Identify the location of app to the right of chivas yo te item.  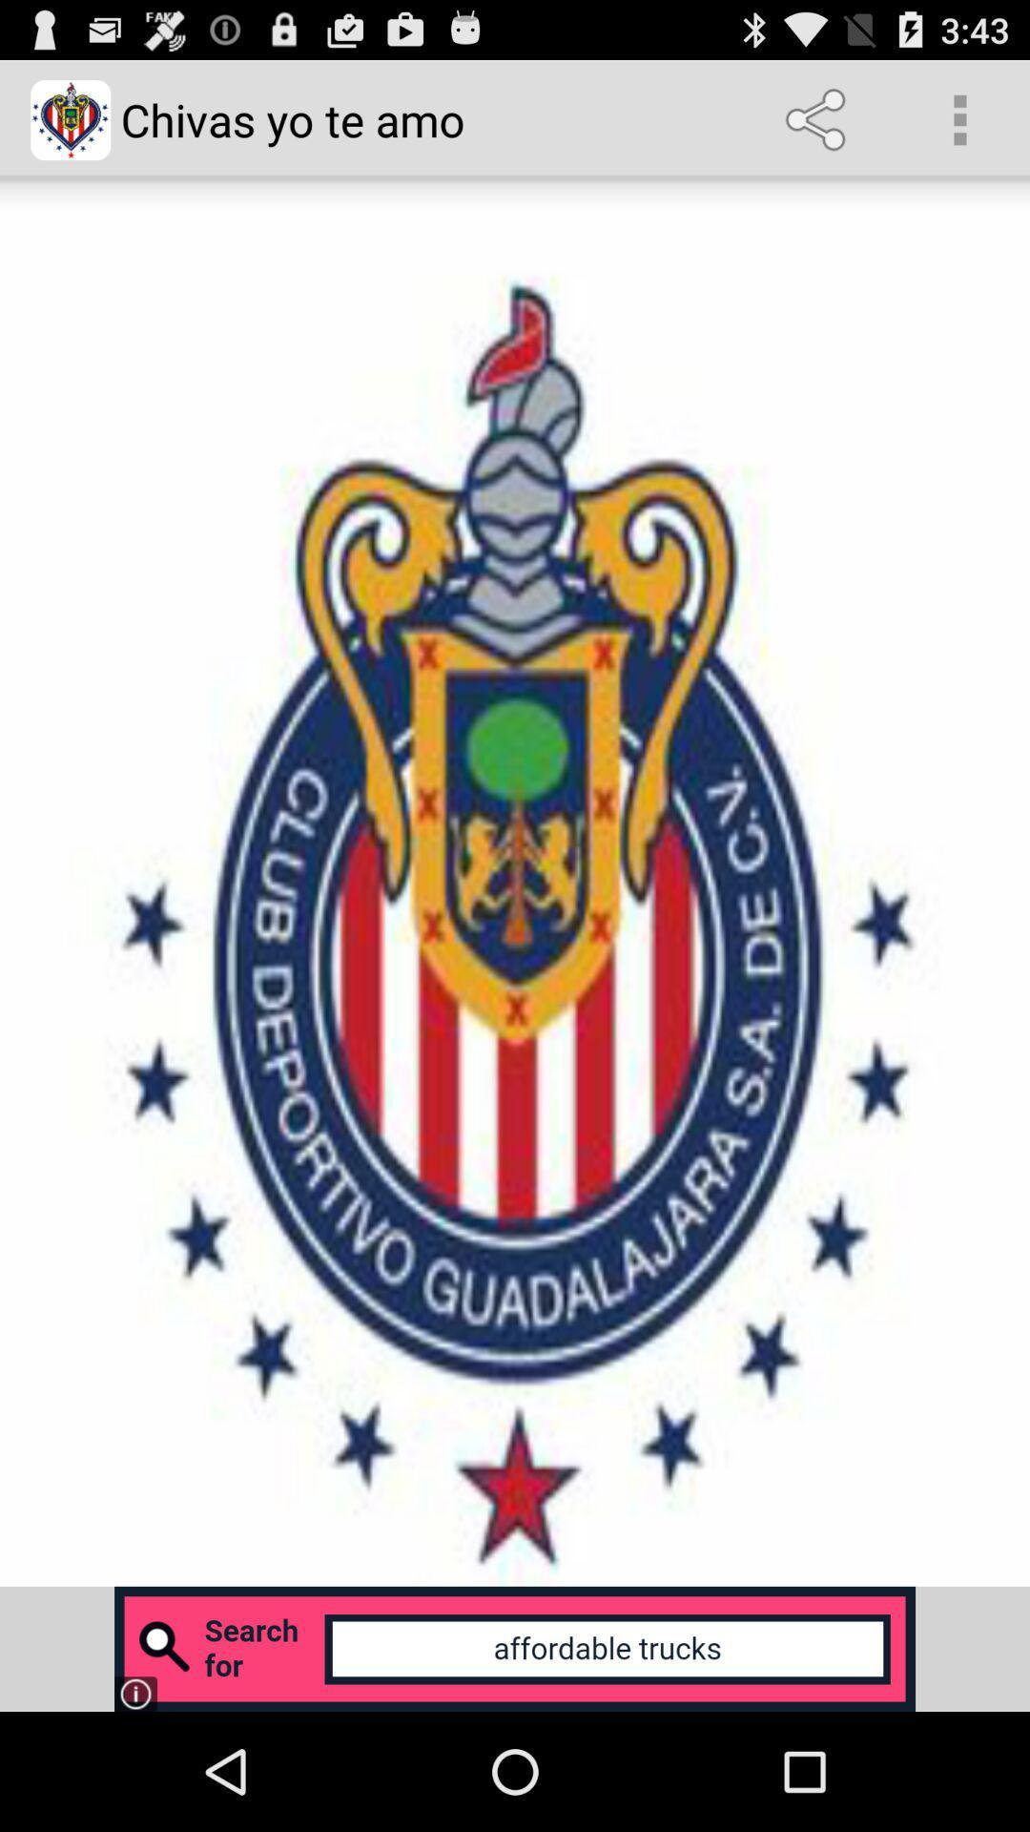
(818, 118).